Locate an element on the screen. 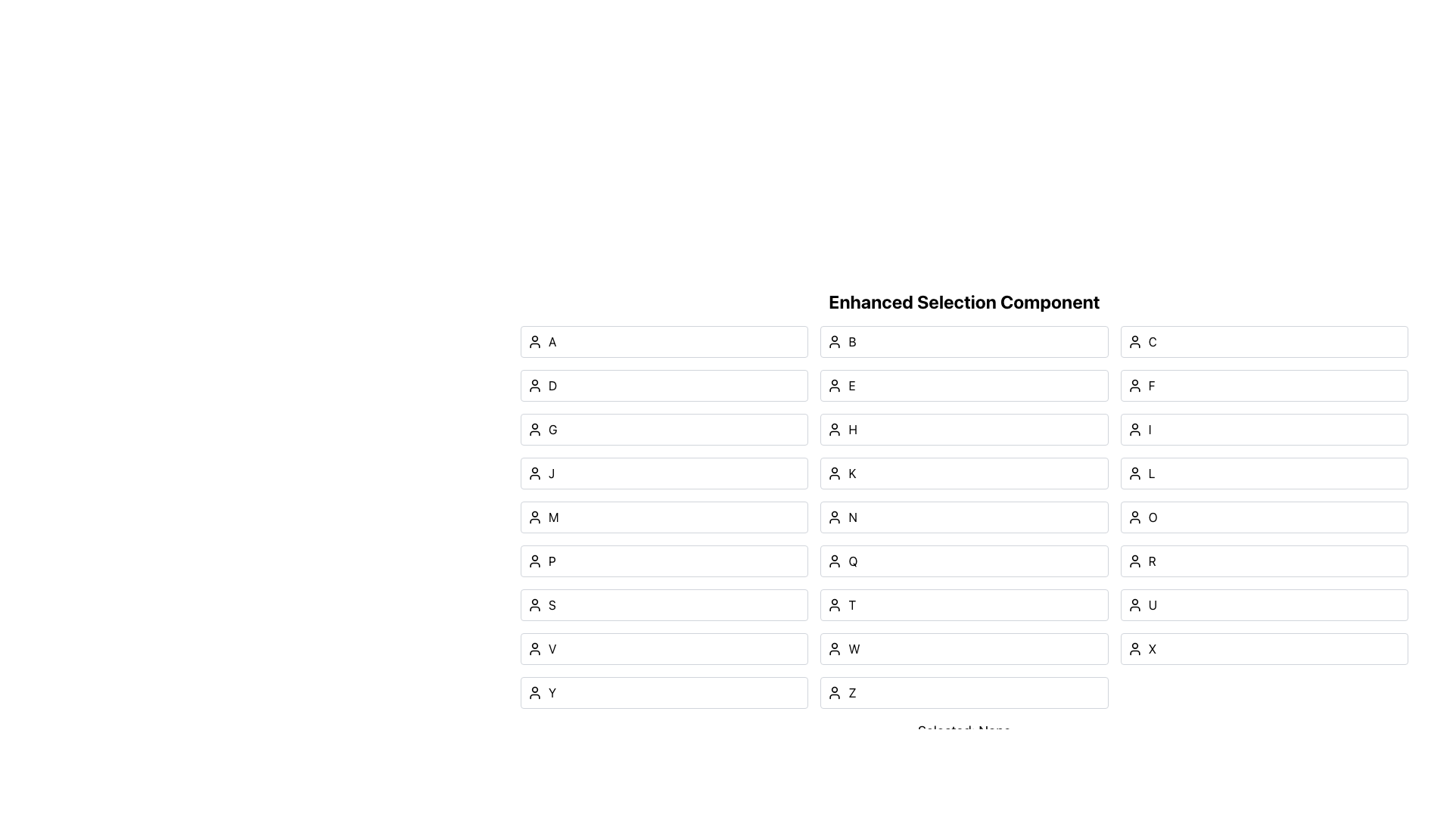  the selectable button representing the letter 'M' in the alphabet selection UI, located in the fifth row of the first column is located at coordinates (664, 516).